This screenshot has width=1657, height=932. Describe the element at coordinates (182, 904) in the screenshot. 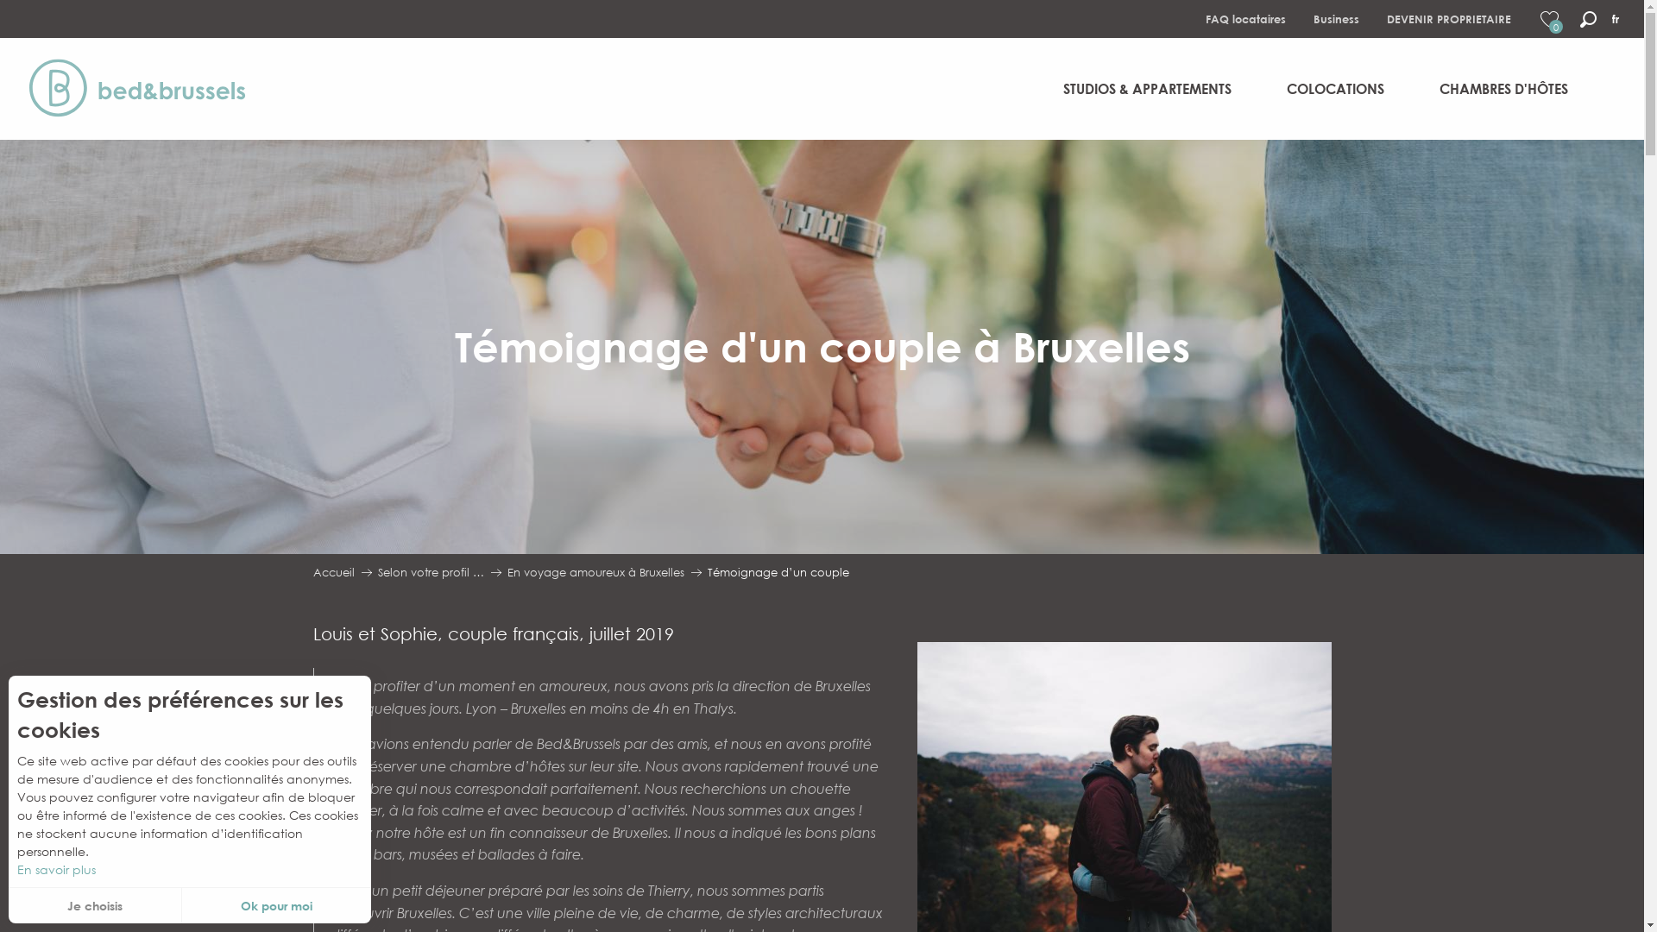

I see `'Ok pour moi'` at that location.